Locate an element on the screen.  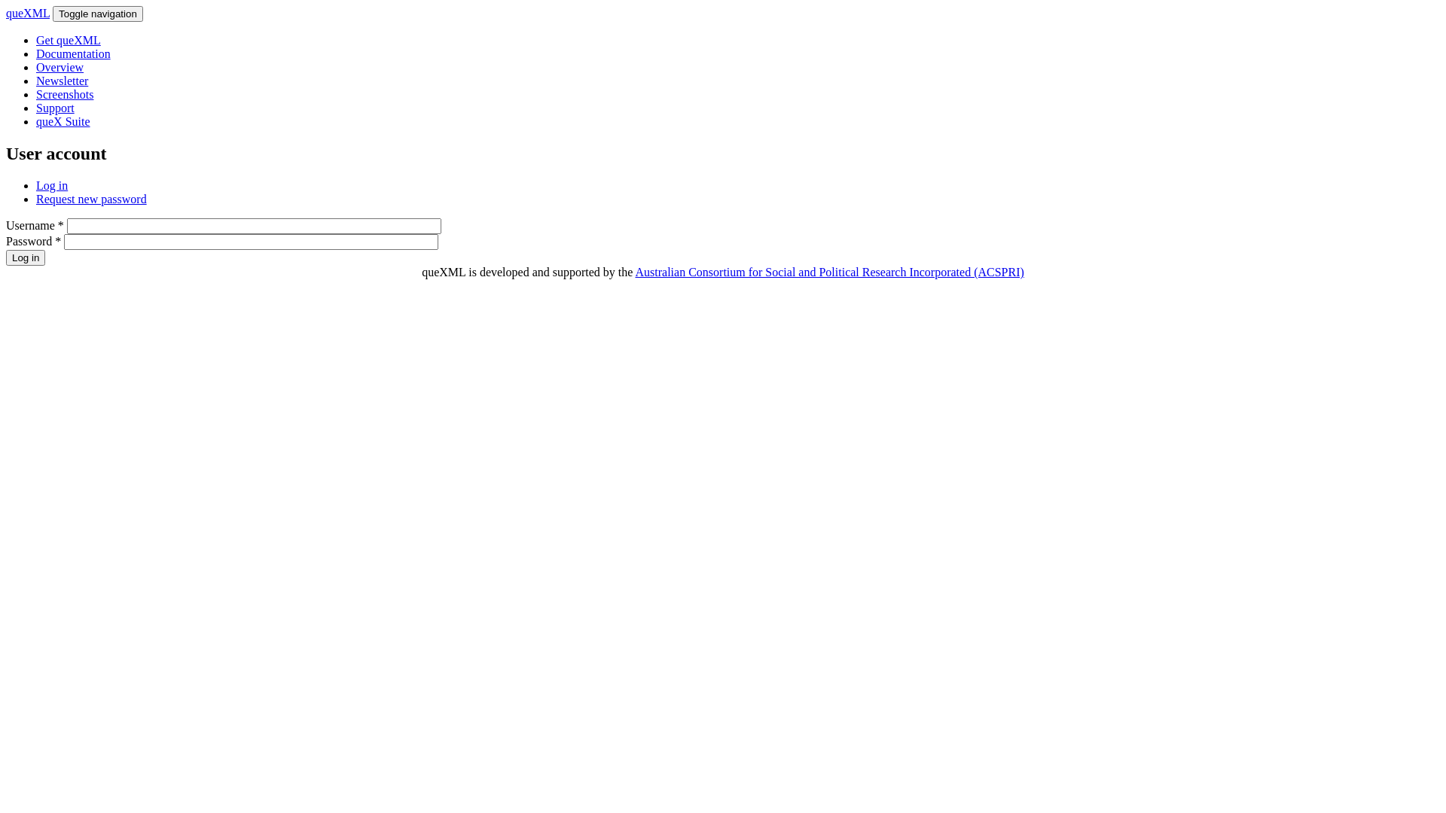
'Log in' is located at coordinates (25, 257).